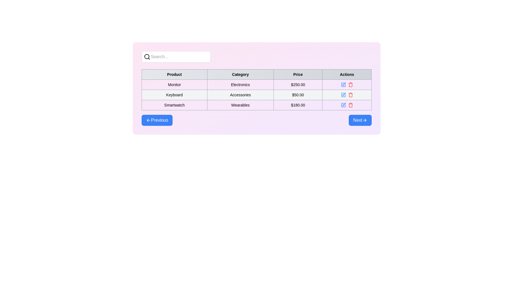 This screenshot has height=298, width=531. I want to click on the blue pencil icon button located in the 'Actions' column of the last row in the displayed table, so click(343, 105).